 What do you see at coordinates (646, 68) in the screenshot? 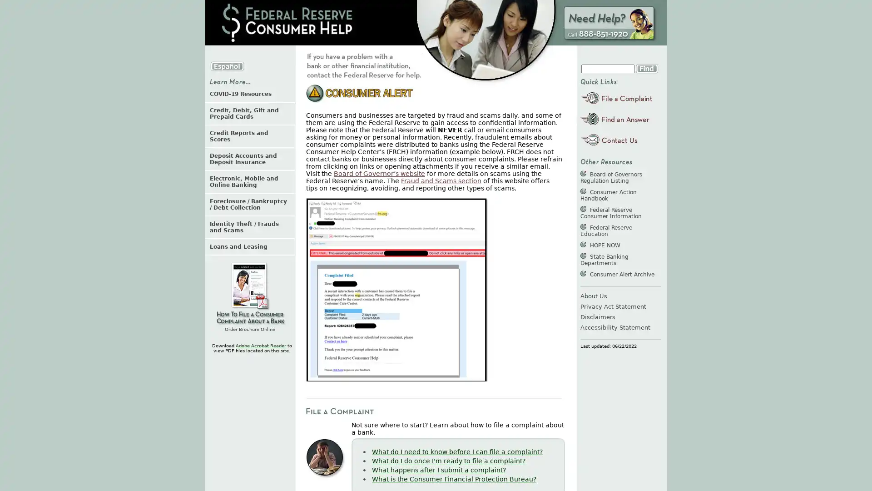
I see `Find` at bounding box center [646, 68].